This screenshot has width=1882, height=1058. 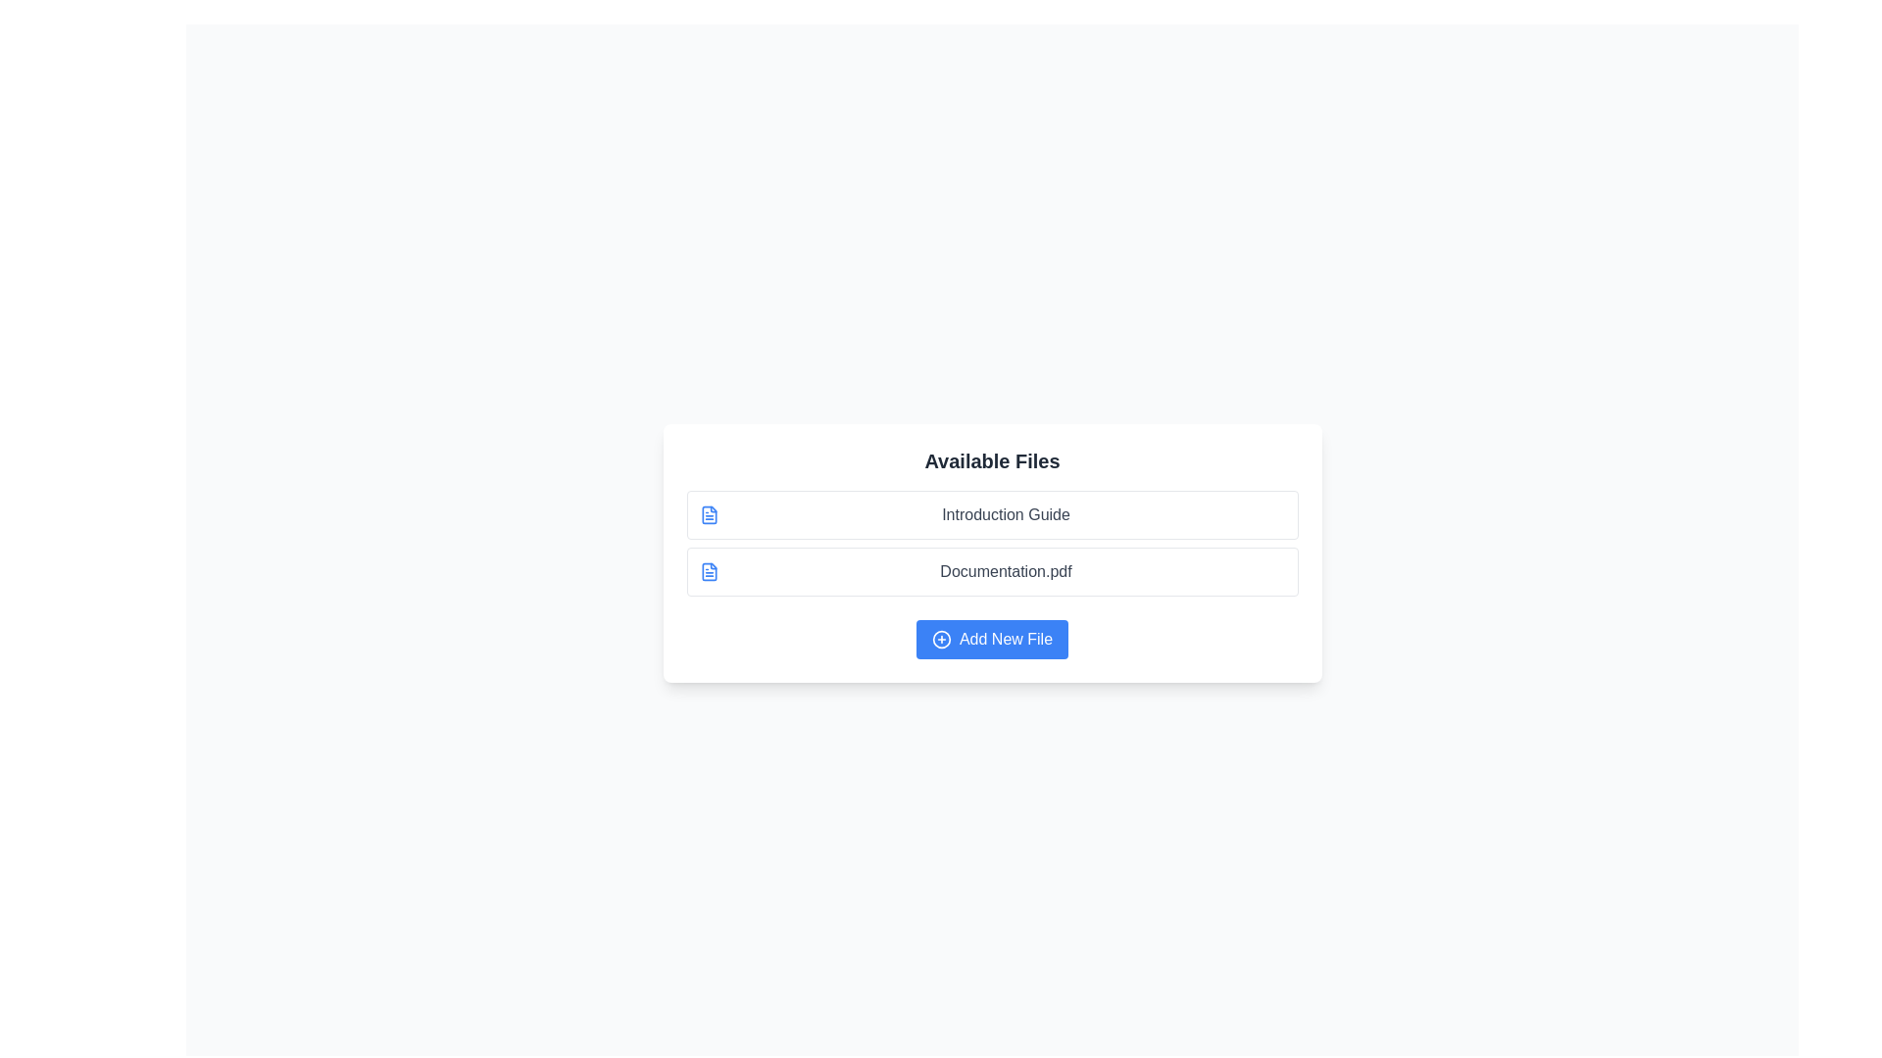 What do you see at coordinates (941, 639) in the screenshot?
I see `the outermost circular SVG element representing the 'Add New File' button, which symbolizes the addition functionality` at bounding box center [941, 639].